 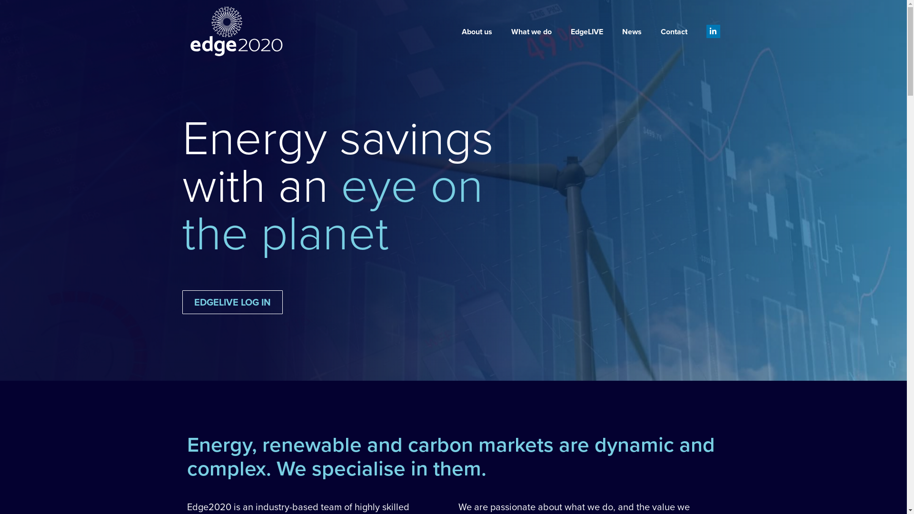 I want to click on 'Contact', so click(x=674, y=31).